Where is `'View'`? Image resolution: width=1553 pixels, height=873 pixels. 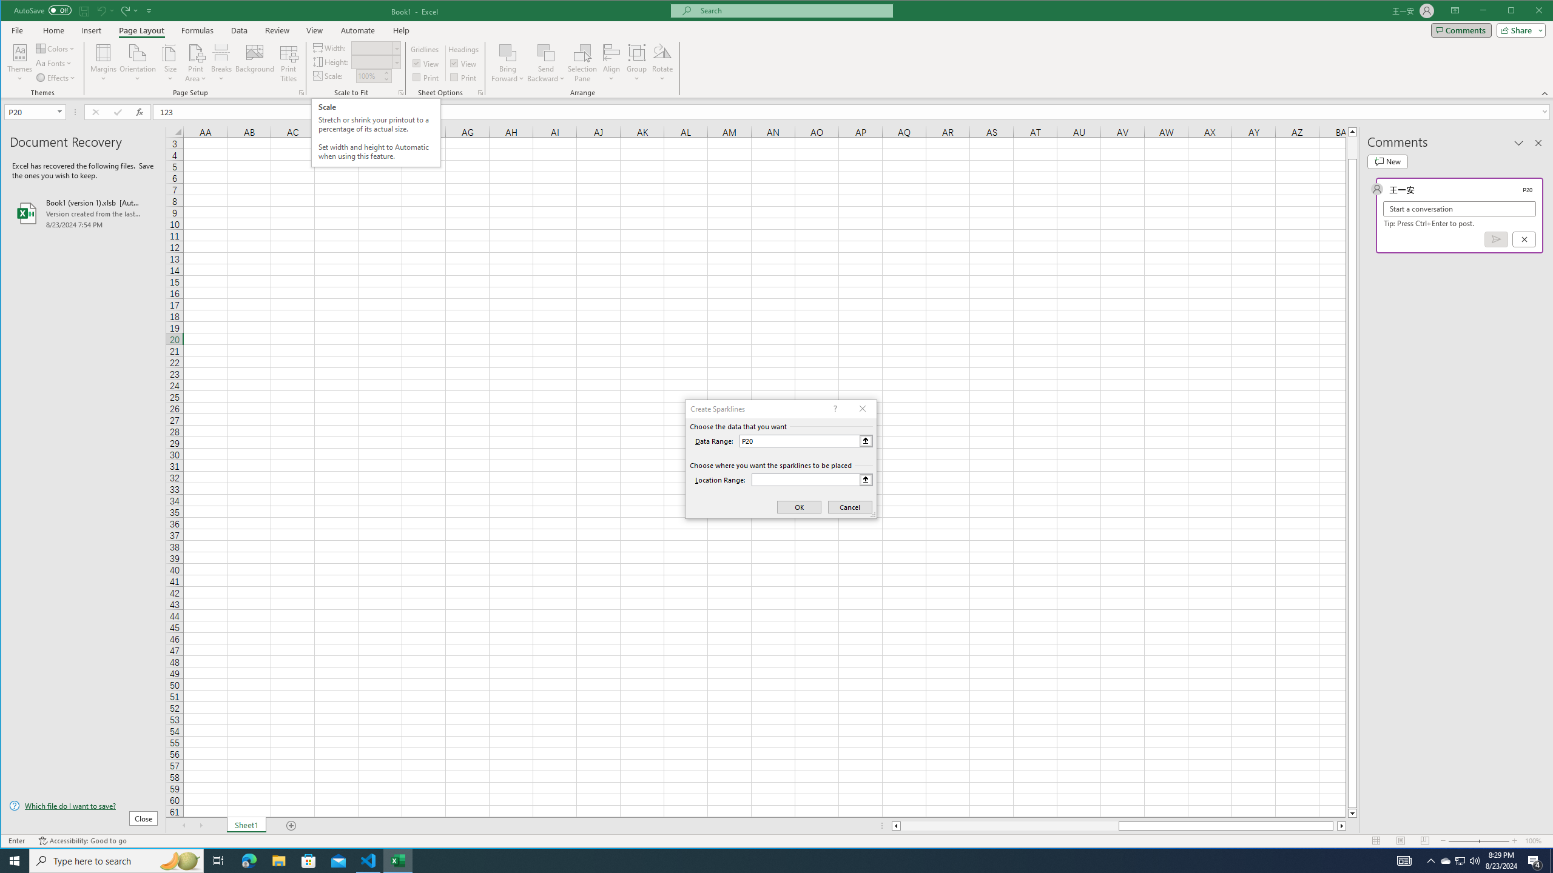 'View' is located at coordinates (314, 30).